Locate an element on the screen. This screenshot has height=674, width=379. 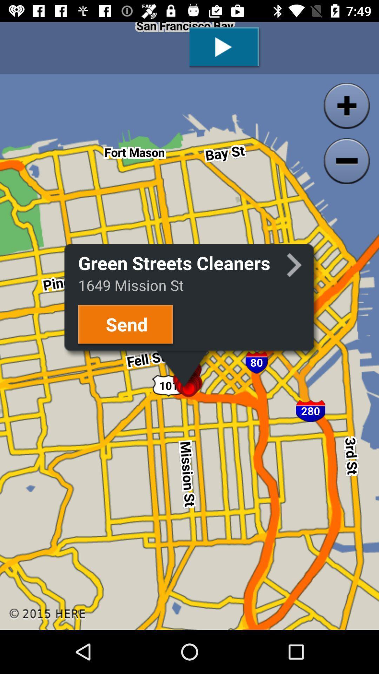
item above the green streets cleaners icon is located at coordinates (225, 47).